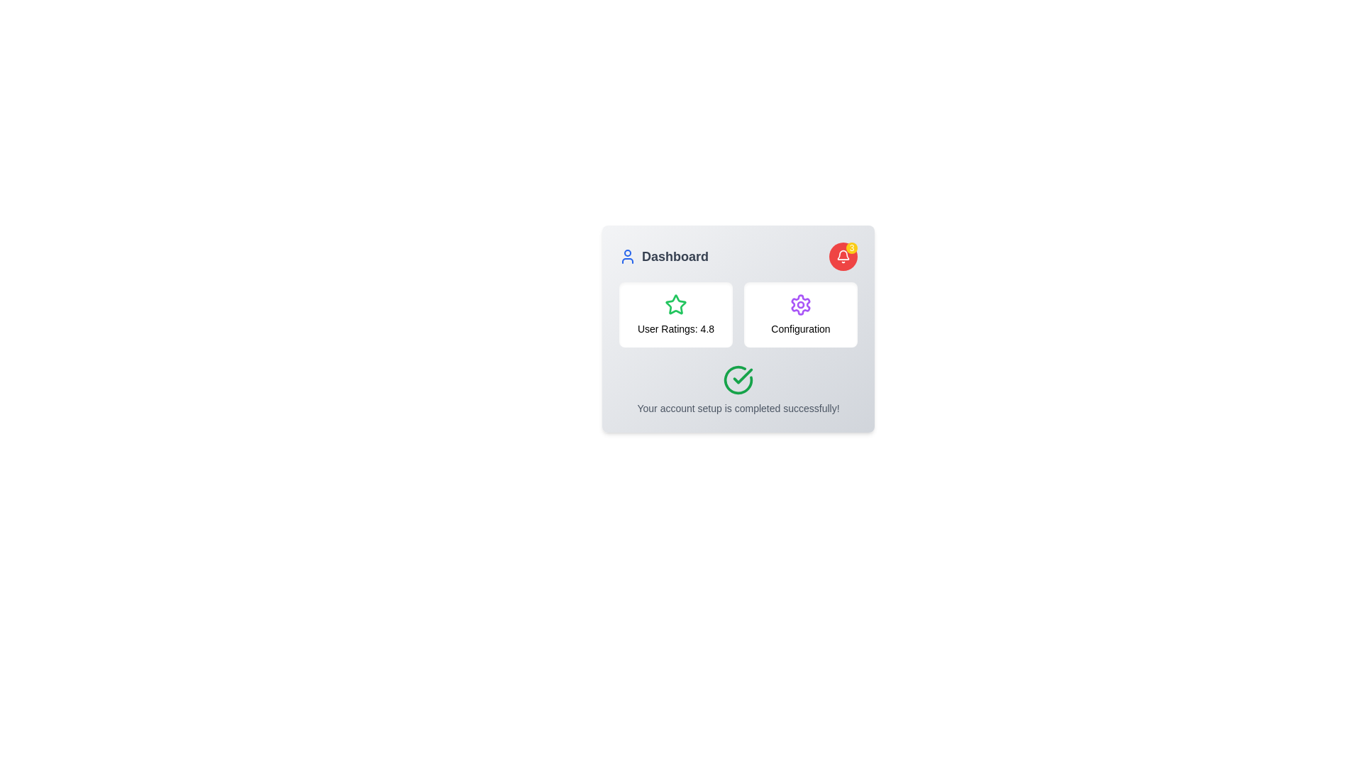 The width and height of the screenshot is (1362, 766). I want to click on the cogwheel-like purple settings icon located in the central-right area of the dashboard interface, so click(800, 304).